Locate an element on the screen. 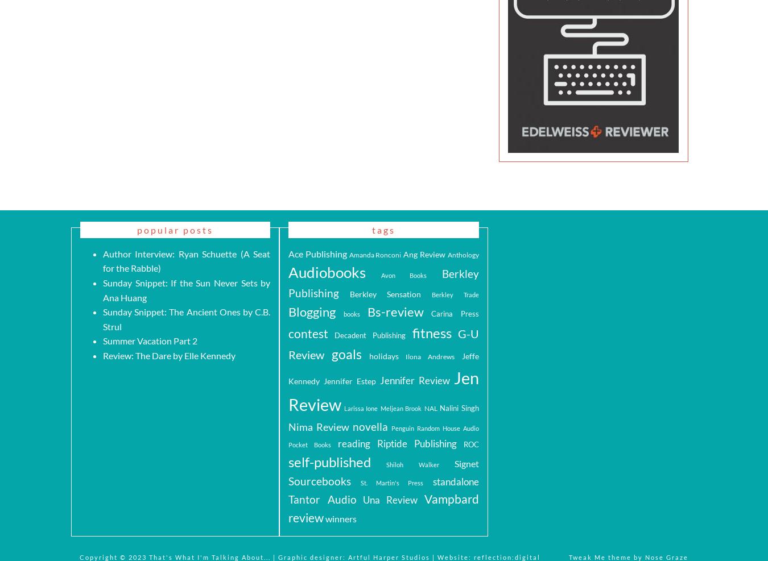 The image size is (768, 561). 'Riptide Publishing' is located at coordinates (415, 443).